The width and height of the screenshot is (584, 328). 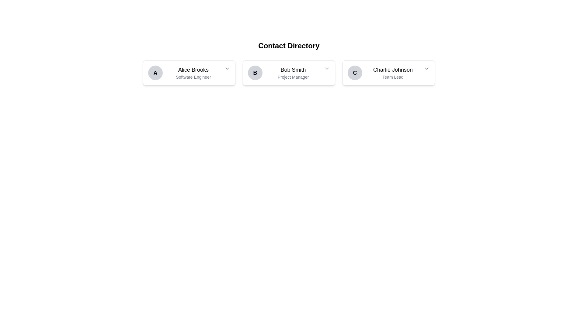 What do you see at coordinates (393, 72) in the screenshot?
I see `the text display element that shows the name and role of an individual in the team directory, located in the center of the third card from the left, to the right of the circular icon labeled 'C' and above a dropdown arrow` at bounding box center [393, 72].